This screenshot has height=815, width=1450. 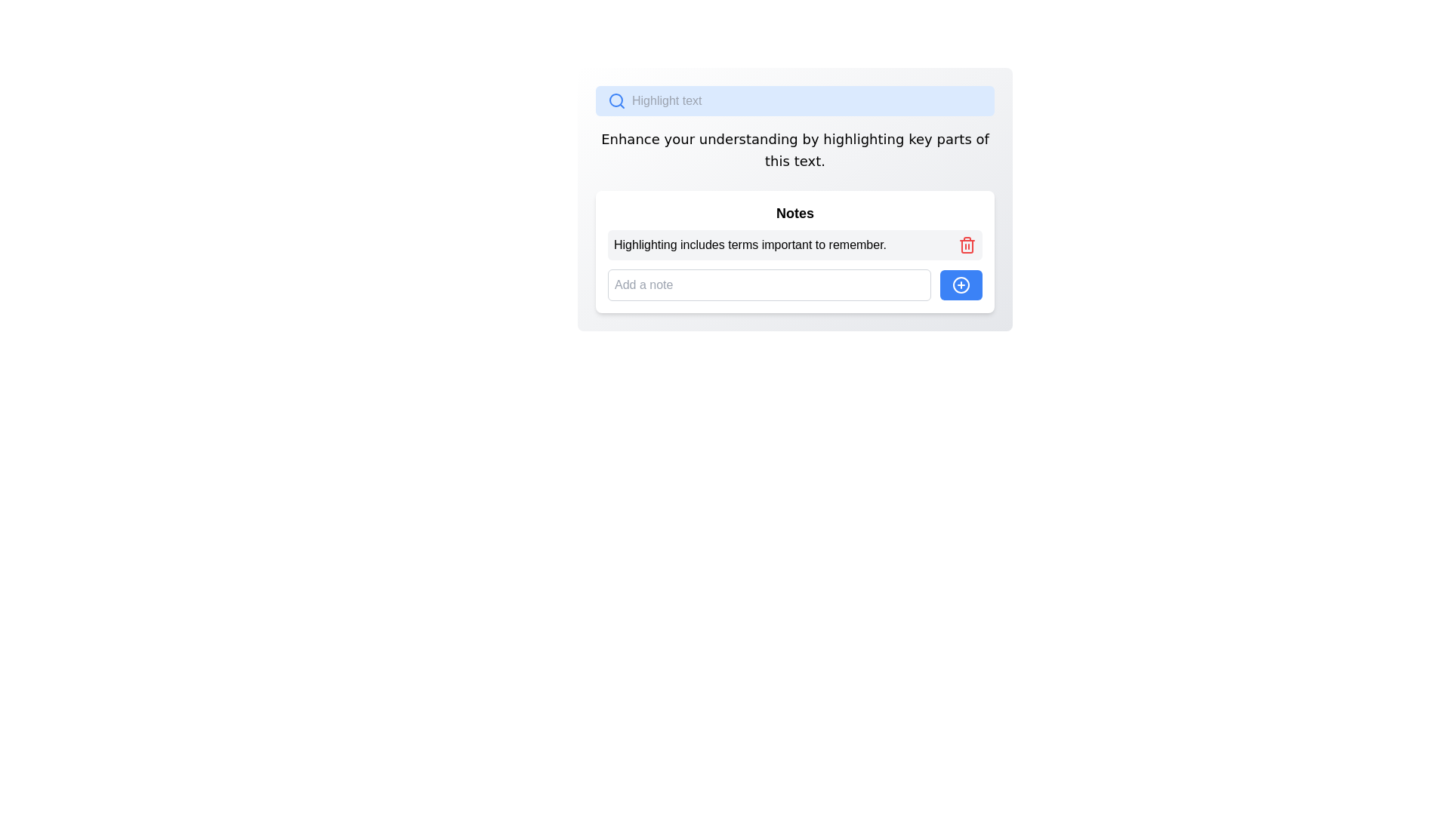 What do you see at coordinates (848, 139) in the screenshot?
I see `the character 'h' in the text 'Enhance your understanding by highlighting key parts of this text.' which is part of the descriptive content` at bounding box center [848, 139].